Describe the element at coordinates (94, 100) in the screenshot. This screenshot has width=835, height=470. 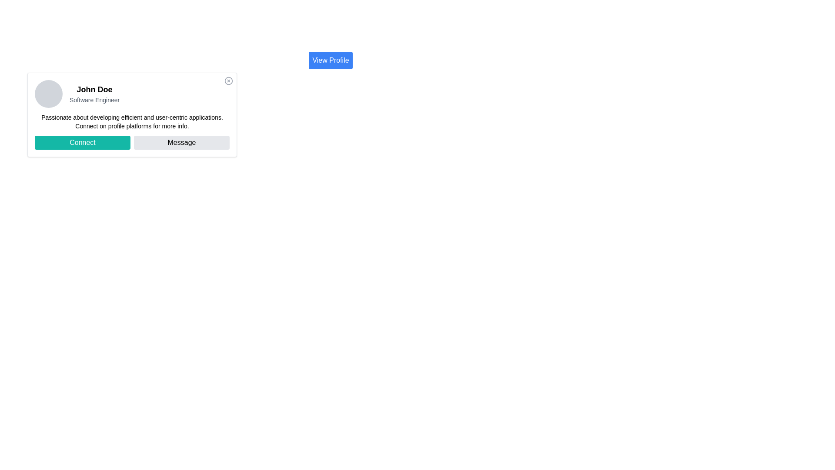
I see `text label that indicates the professional role of 'John Doe', located below the title within the profile card section` at that location.